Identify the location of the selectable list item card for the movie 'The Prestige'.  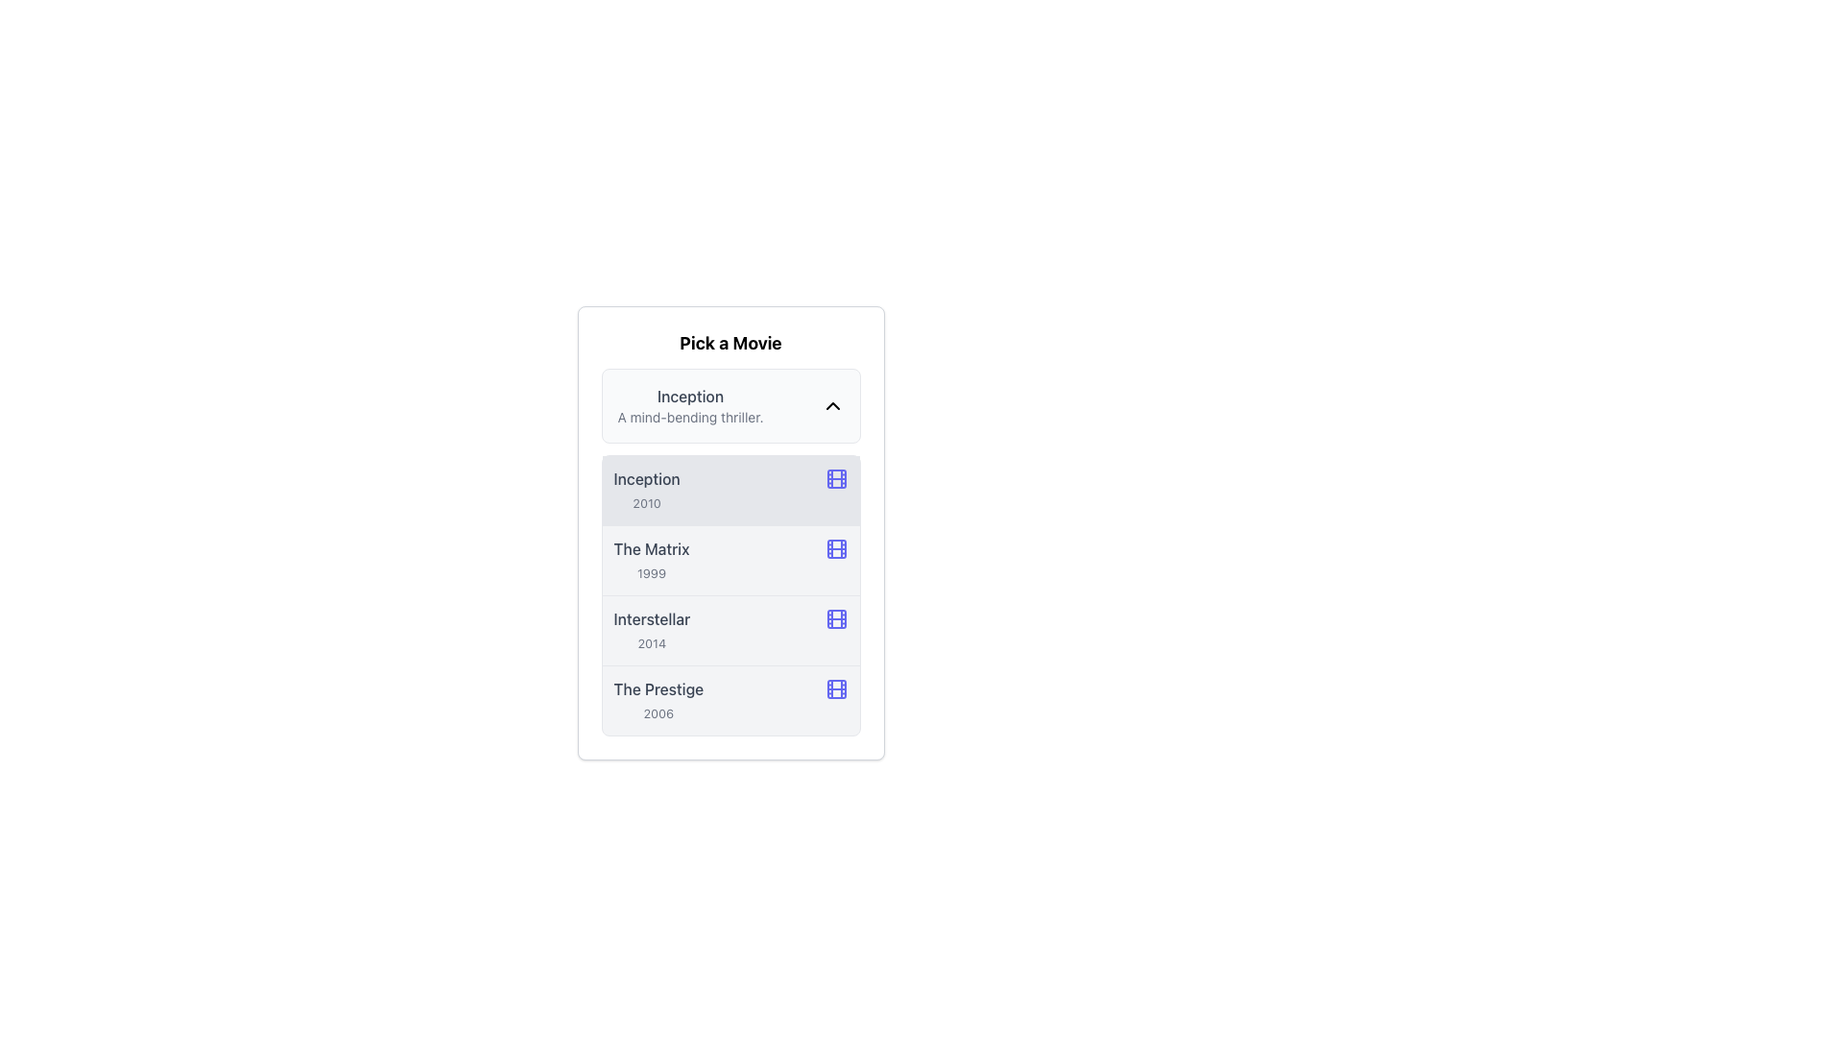
(730, 700).